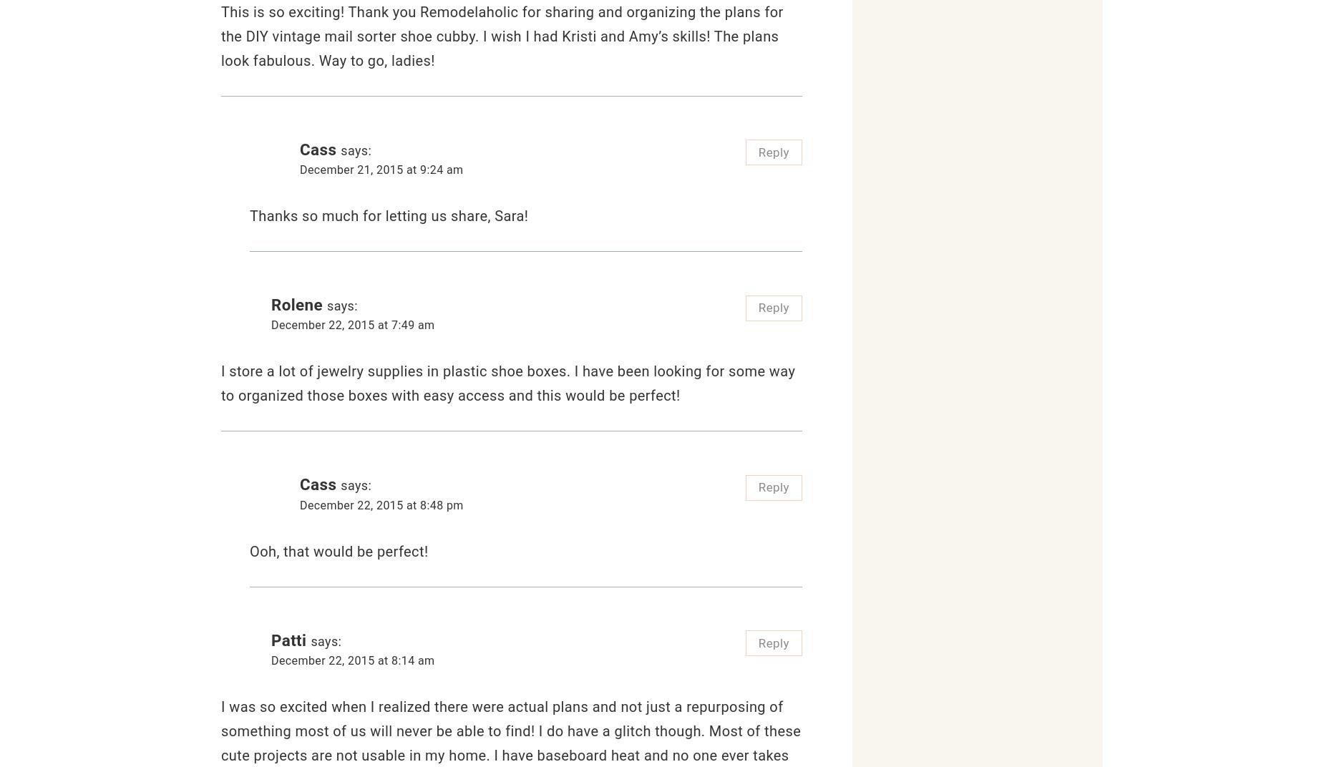 This screenshot has height=767, width=1324. What do you see at coordinates (389, 215) in the screenshot?
I see `'Thanks so much for letting us share, Sara!'` at bounding box center [389, 215].